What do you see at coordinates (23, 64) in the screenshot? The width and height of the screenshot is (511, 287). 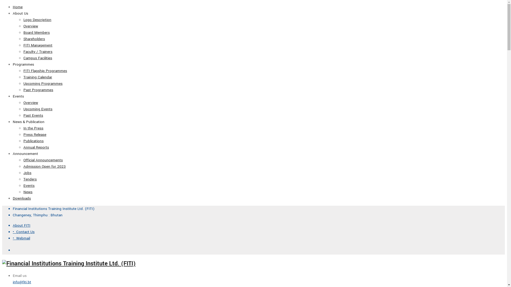 I see `'Programmes'` at bounding box center [23, 64].